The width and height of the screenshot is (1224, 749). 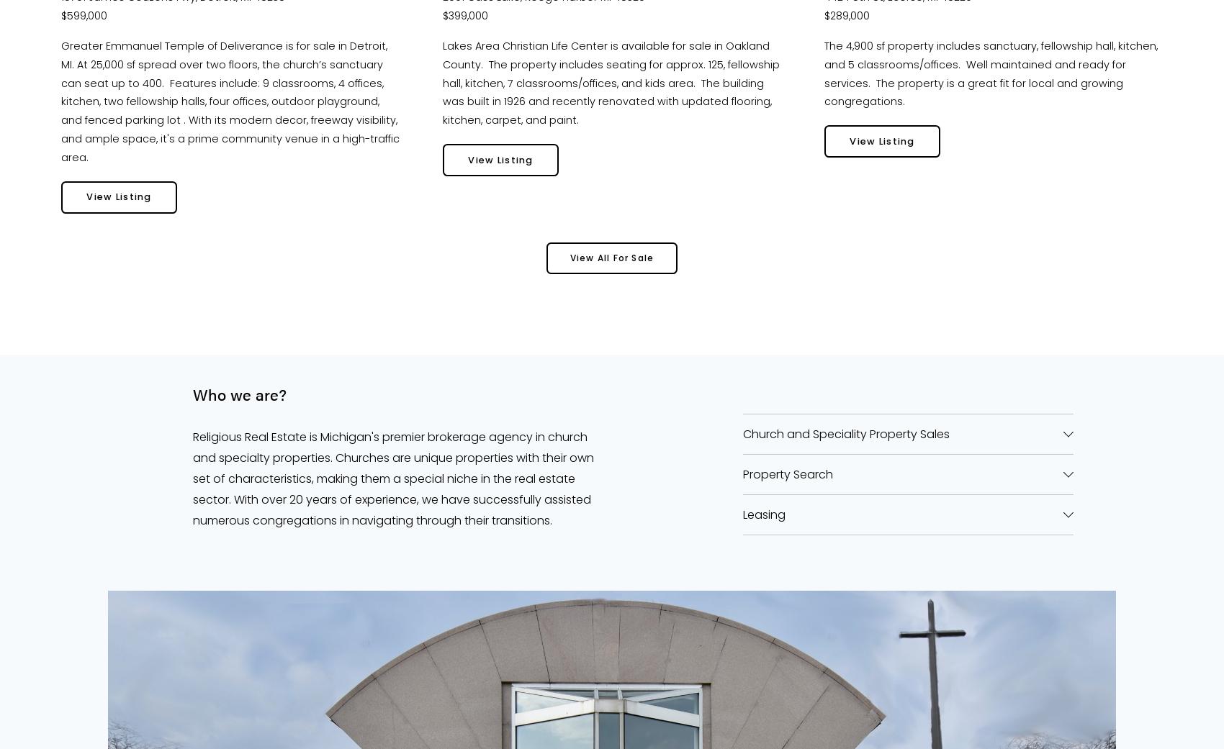 I want to click on 'Lakes Area Christian Life Center is available for sale in Oakland County.  The property includes seating for approx. 125, fellowship hall, kitchen, 7 classrooms/offices, and kids area.  The building was built in 1926 and recently renovated with updated flooring, kitchen, carpet, and paint.', so click(x=613, y=83).